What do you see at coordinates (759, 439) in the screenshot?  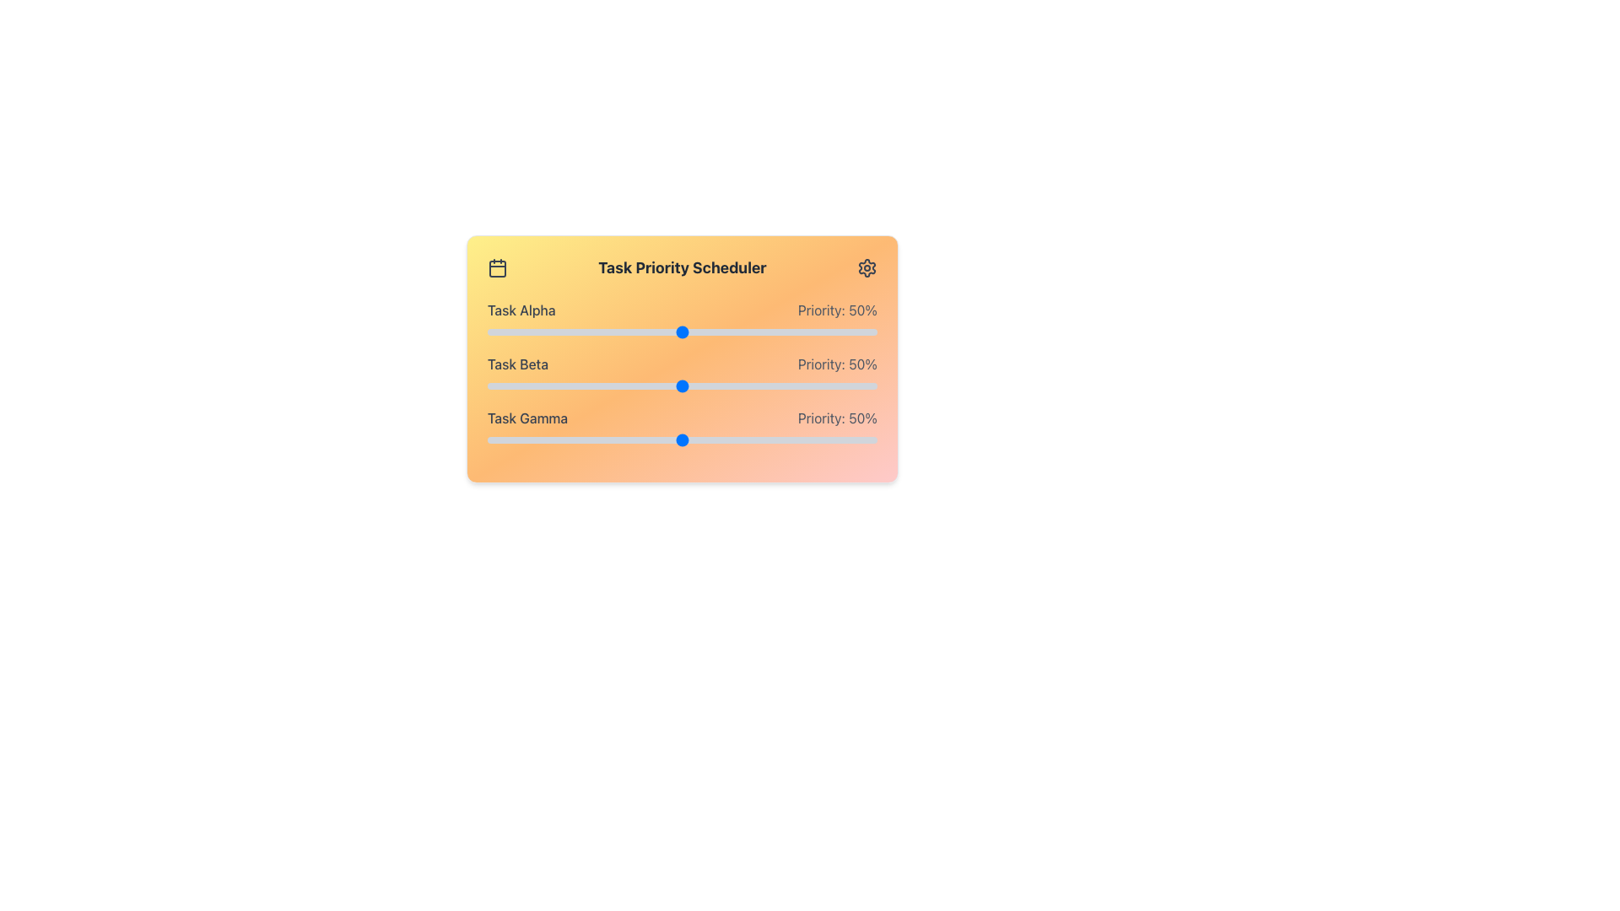 I see `task priority` at bounding box center [759, 439].